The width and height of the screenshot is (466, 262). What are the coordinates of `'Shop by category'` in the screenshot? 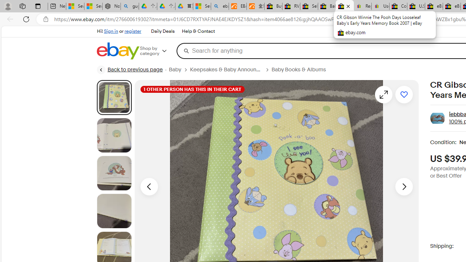 It's located at (158, 51).